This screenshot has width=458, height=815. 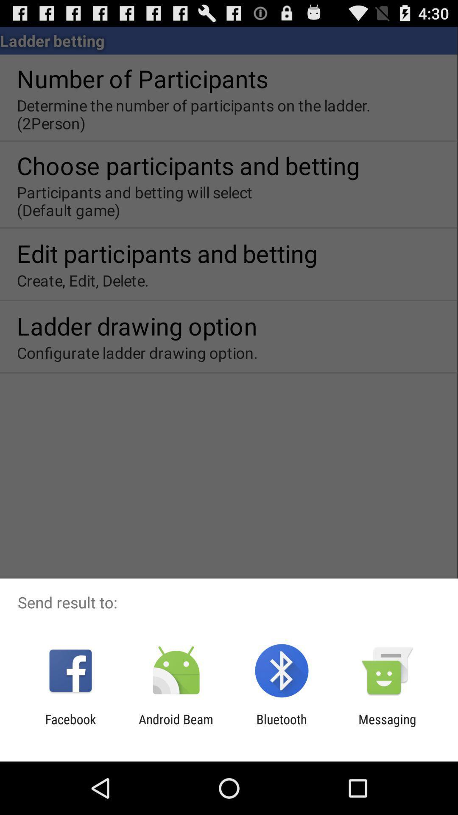 I want to click on messaging icon, so click(x=387, y=726).